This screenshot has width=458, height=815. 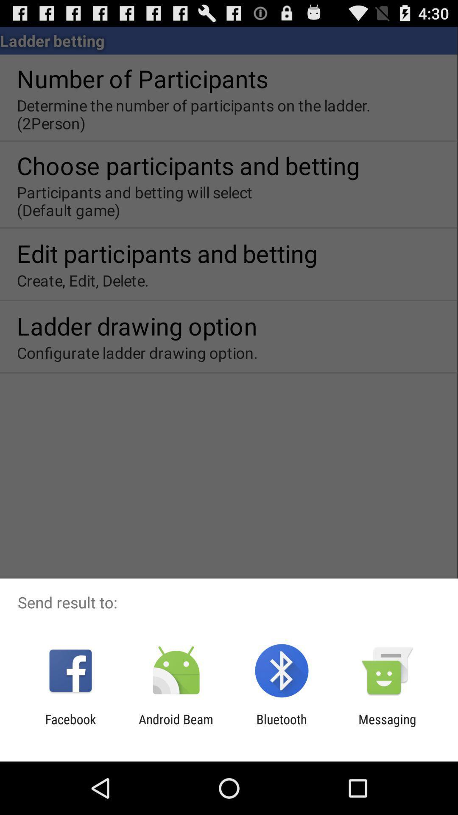 I want to click on messaging icon, so click(x=387, y=726).